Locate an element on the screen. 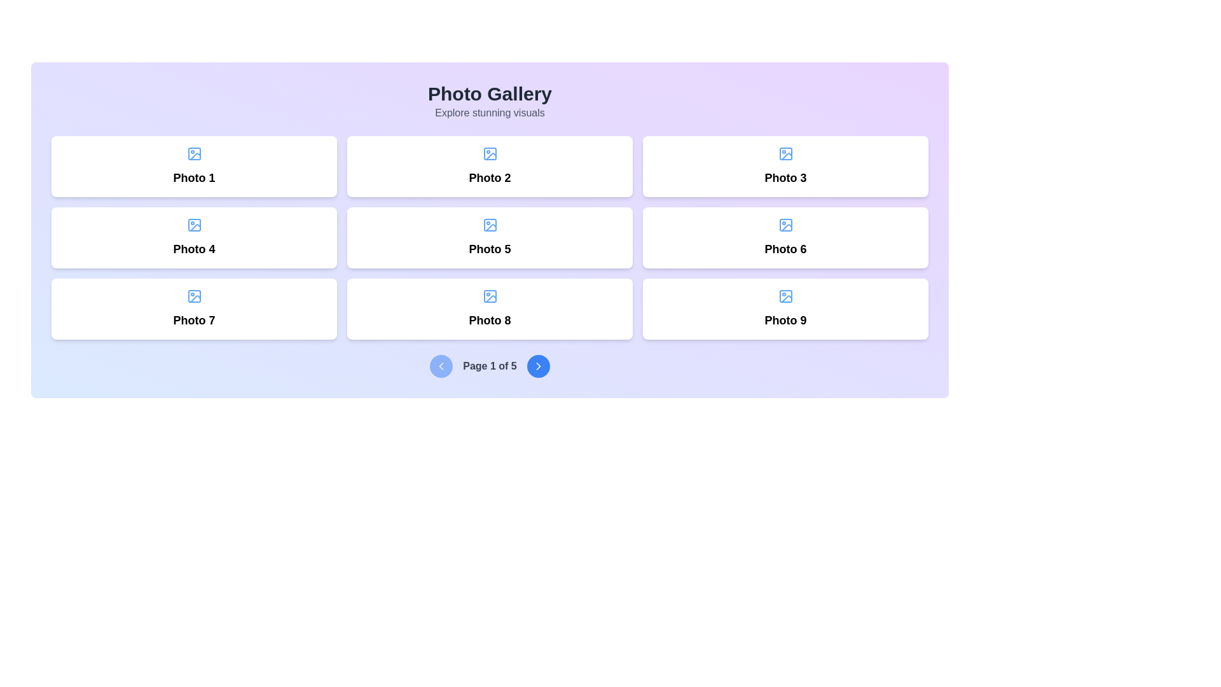 The image size is (1221, 687). the text label indicating the current page number (1) and total pages (5) in the pagination controls, located centrally between the Previous and Next buttons is located at coordinates (489, 366).